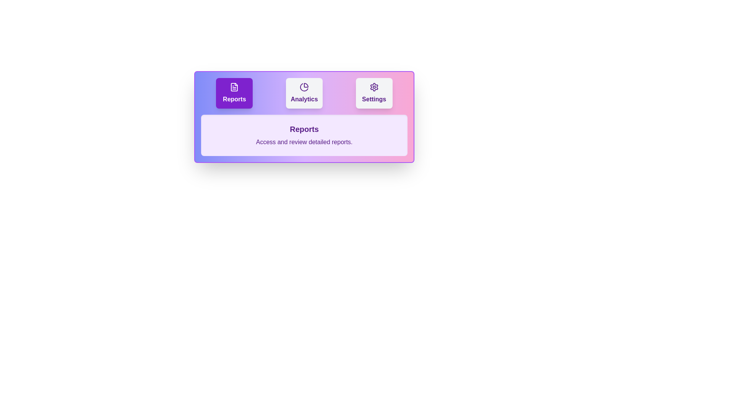 The height and width of the screenshot is (413, 734). What do you see at coordinates (234, 93) in the screenshot?
I see `the Reports tab` at bounding box center [234, 93].